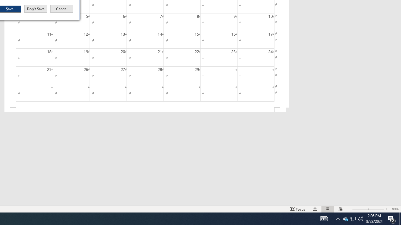  What do you see at coordinates (361, 218) in the screenshot?
I see `'Q2790: 100%'` at bounding box center [361, 218].